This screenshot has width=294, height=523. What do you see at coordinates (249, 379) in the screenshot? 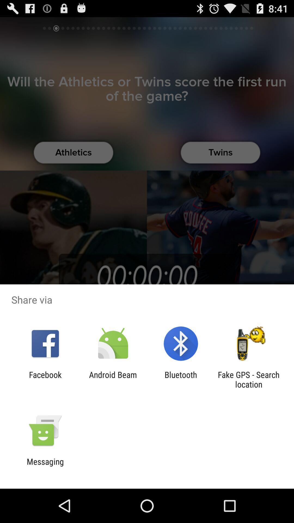
I see `the icon to the right of bluetooth icon` at bounding box center [249, 379].